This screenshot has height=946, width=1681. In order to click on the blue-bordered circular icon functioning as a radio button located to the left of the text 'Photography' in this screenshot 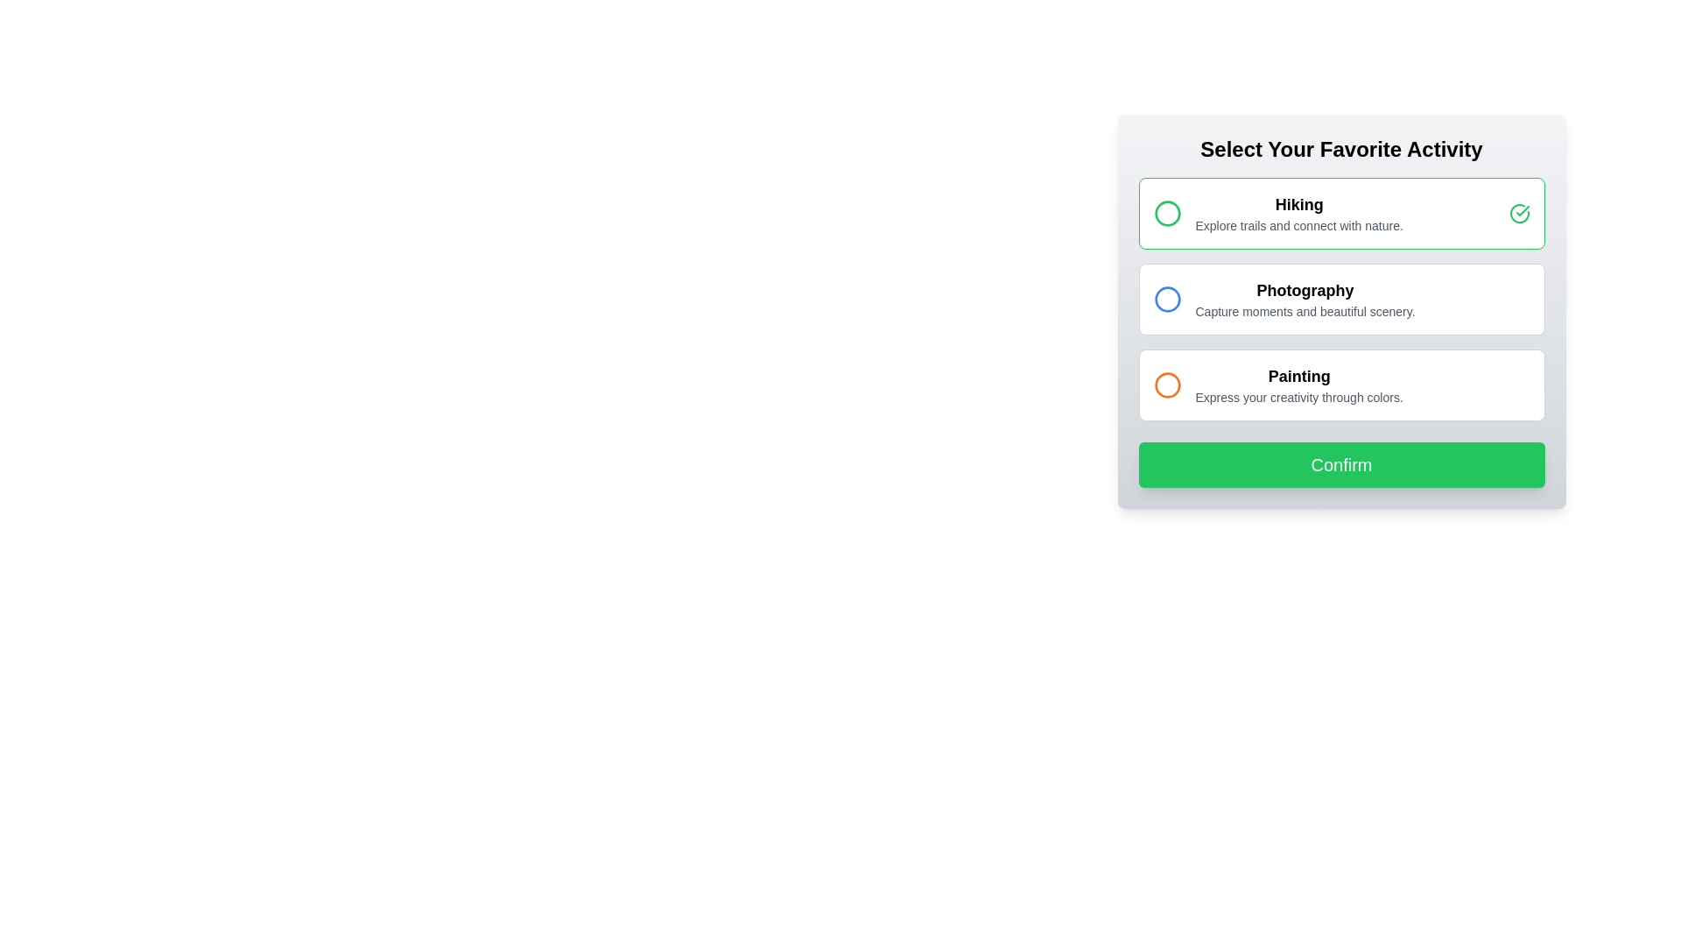, I will do `click(1167, 299)`.